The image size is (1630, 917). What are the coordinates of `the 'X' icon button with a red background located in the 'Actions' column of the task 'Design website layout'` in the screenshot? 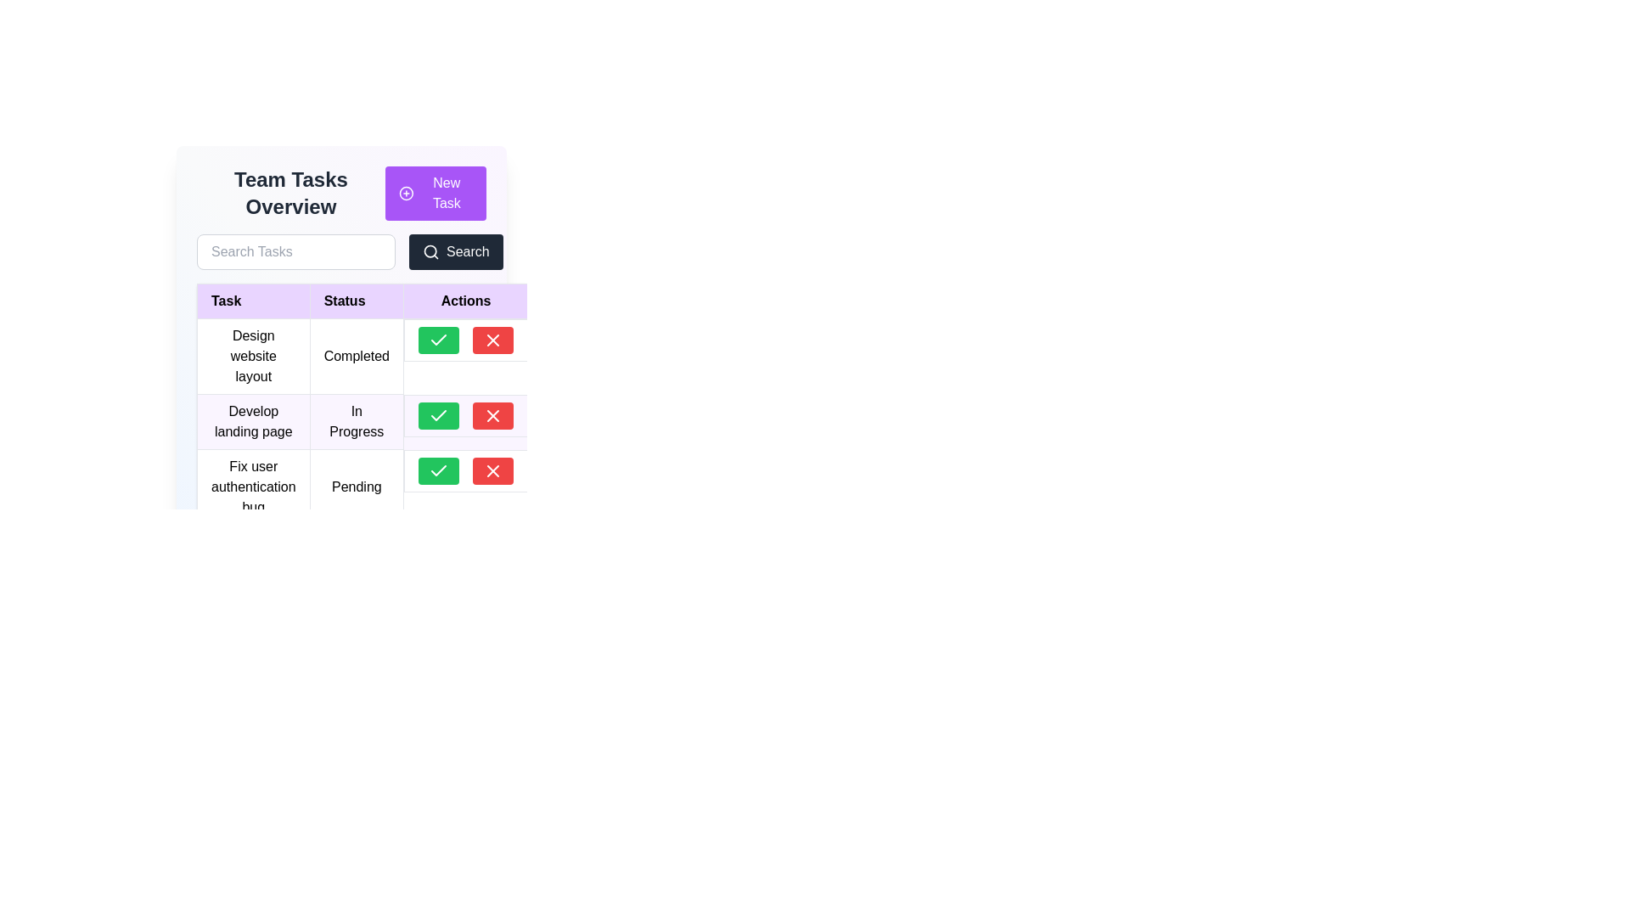 It's located at (492, 340).